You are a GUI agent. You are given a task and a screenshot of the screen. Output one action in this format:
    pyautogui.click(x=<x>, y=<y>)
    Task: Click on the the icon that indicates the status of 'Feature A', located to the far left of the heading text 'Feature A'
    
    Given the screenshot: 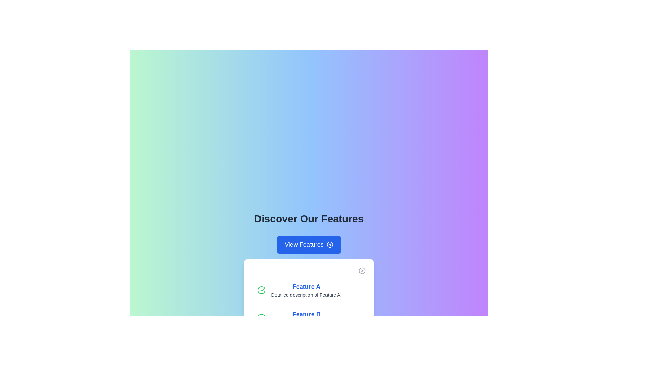 What is the action you would take?
    pyautogui.click(x=261, y=290)
    